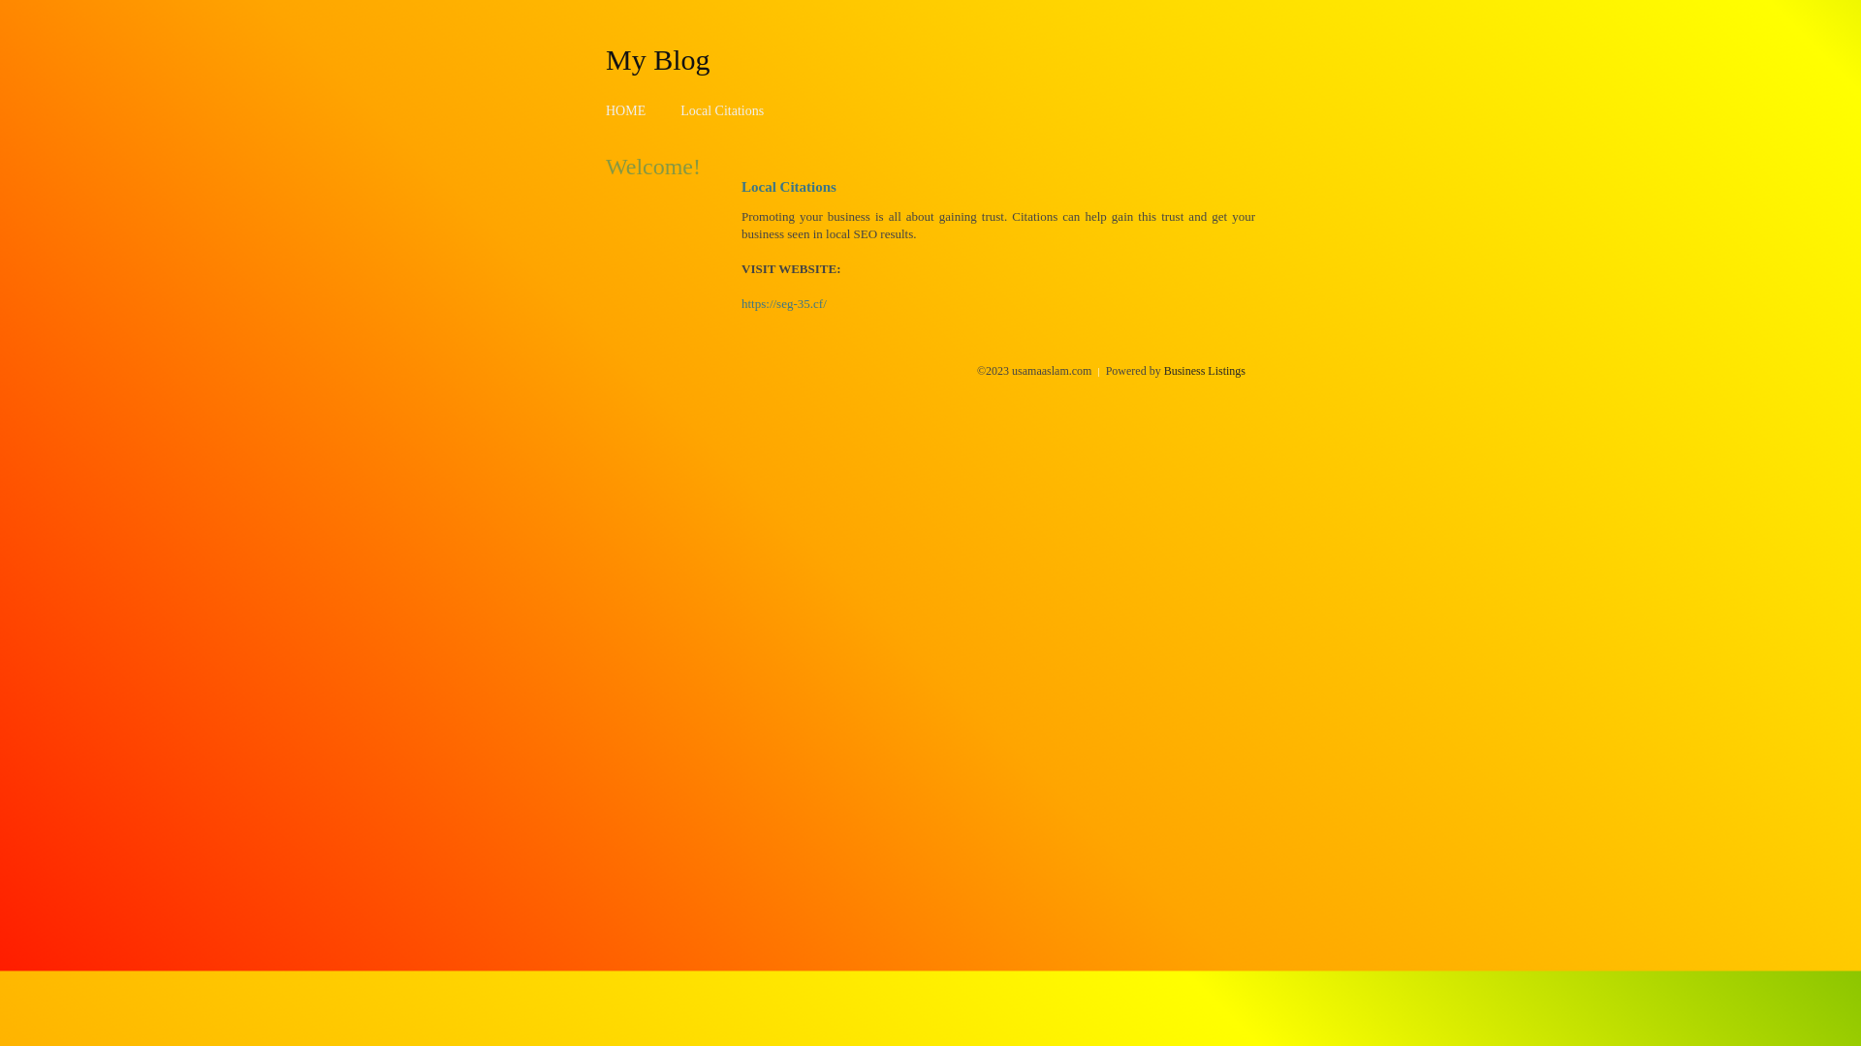  I want to click on 'https://seg-35.cf/', so click(784, 303).